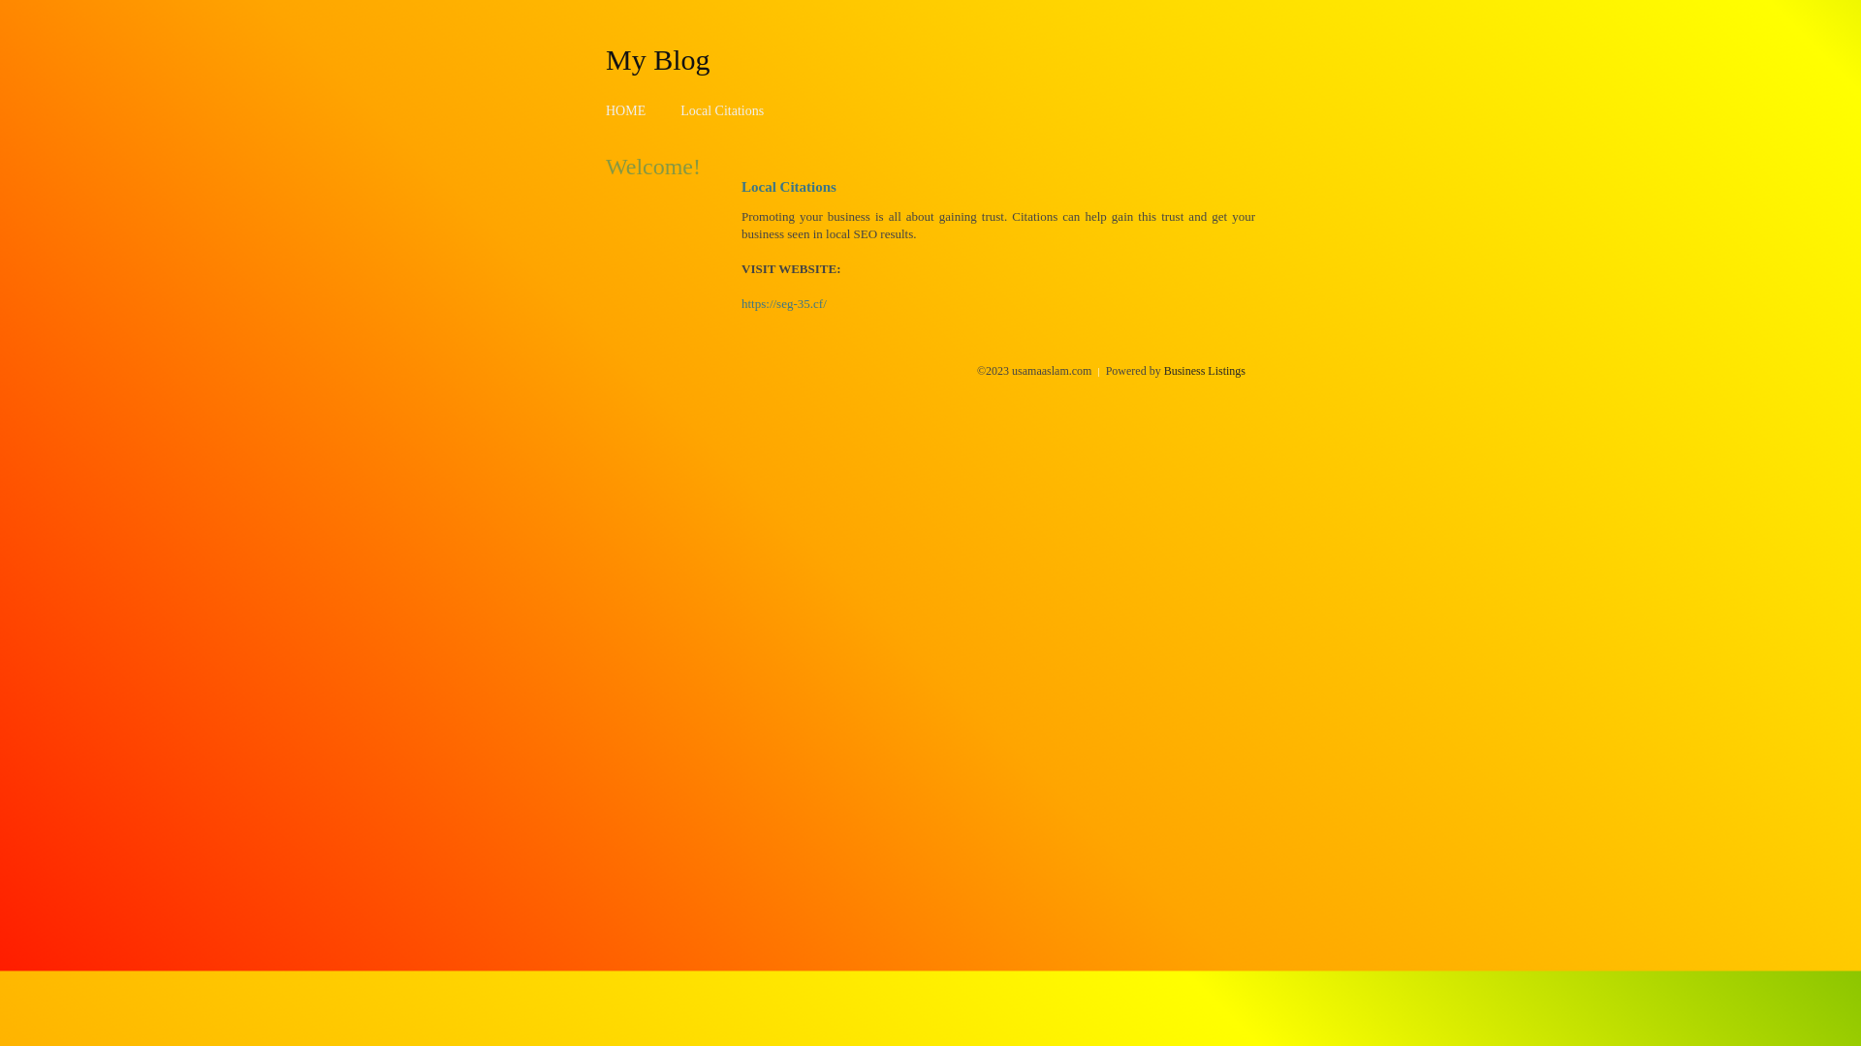  I want to click on 'https://seg-35.cf/', so click(784, 303).